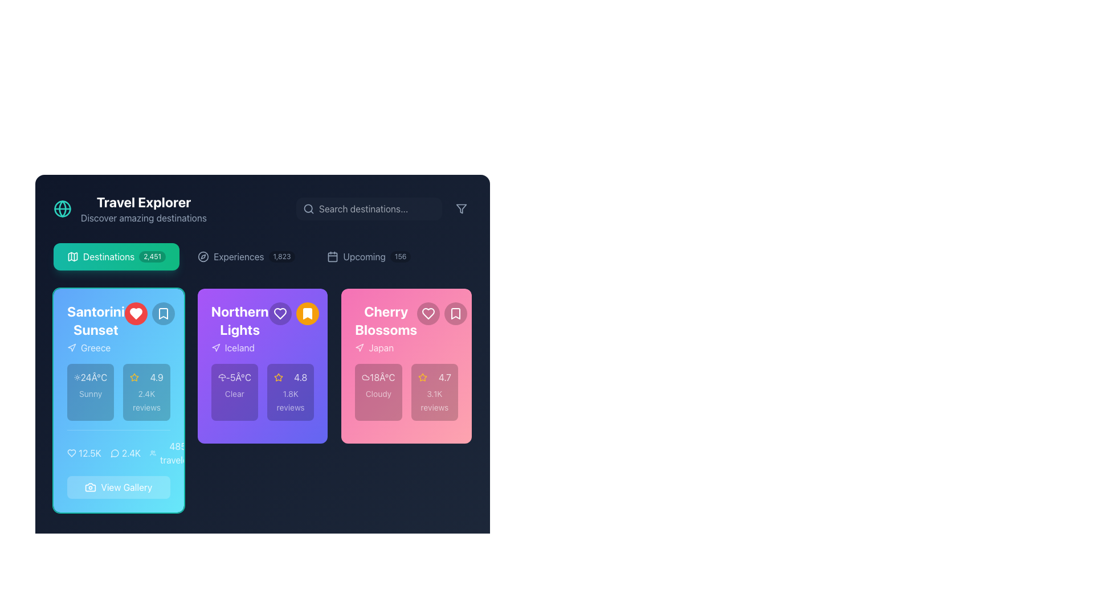  What do you see at coordinates (280, 314) in the screenshot?
I see `the 'like' or 'favorite' icon button located at the top-right corner of the purple card labeled 'Northern Lights' to mark the item as a favorite` at bounding box center [280, 314].